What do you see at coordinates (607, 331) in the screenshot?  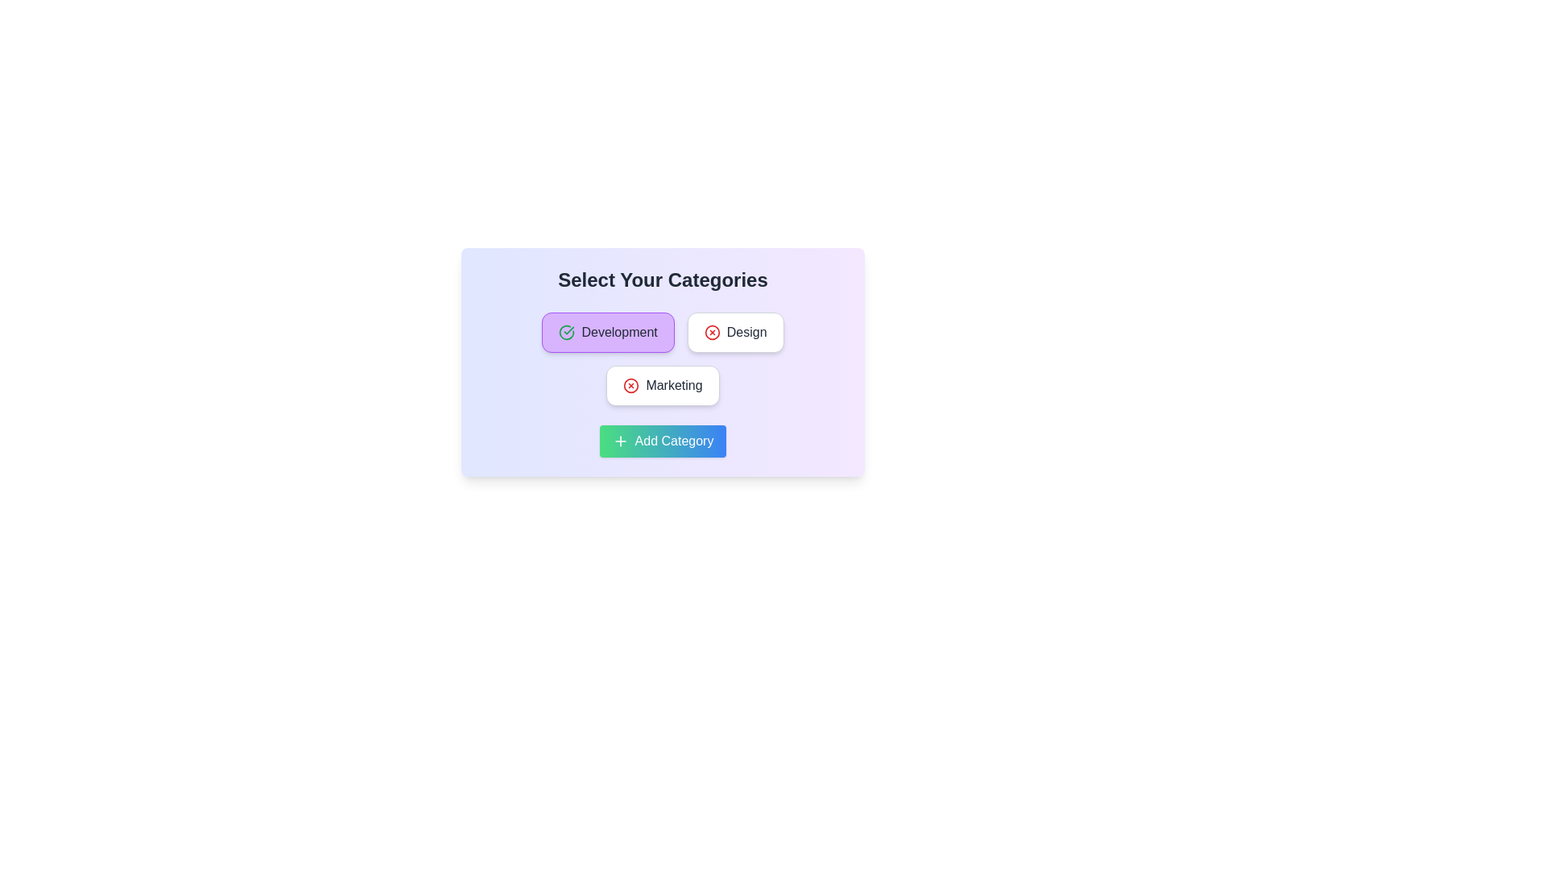 I see `the chip labeled 'Development' by clicking on it` at bounding box center [607, 331].